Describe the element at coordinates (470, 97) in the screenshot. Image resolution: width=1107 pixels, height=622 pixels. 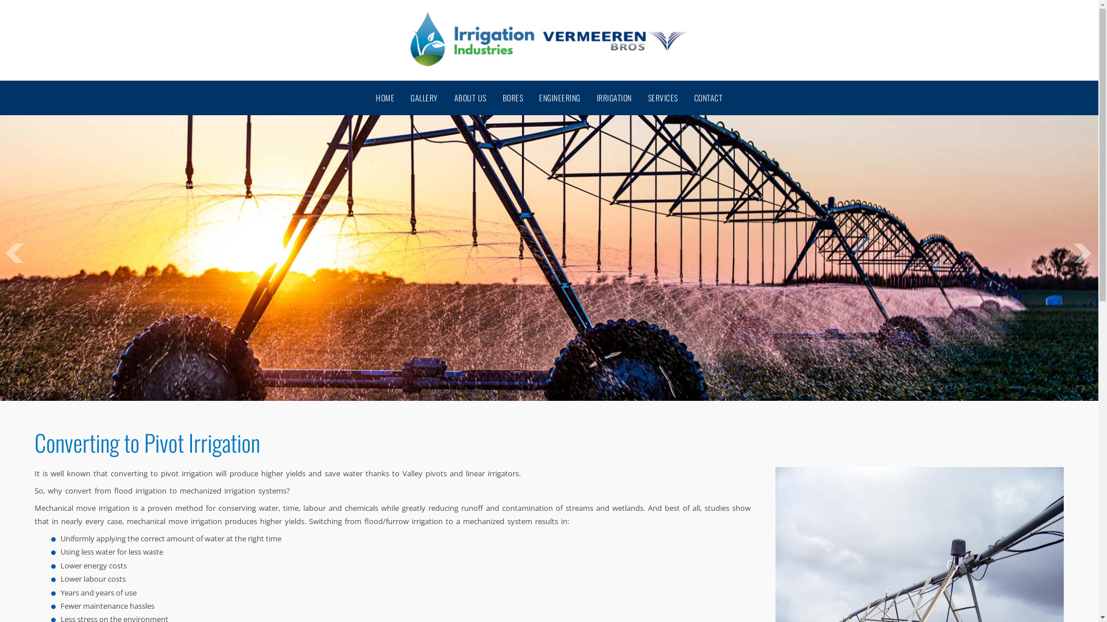
I see `'ABOUT US'` at that location.